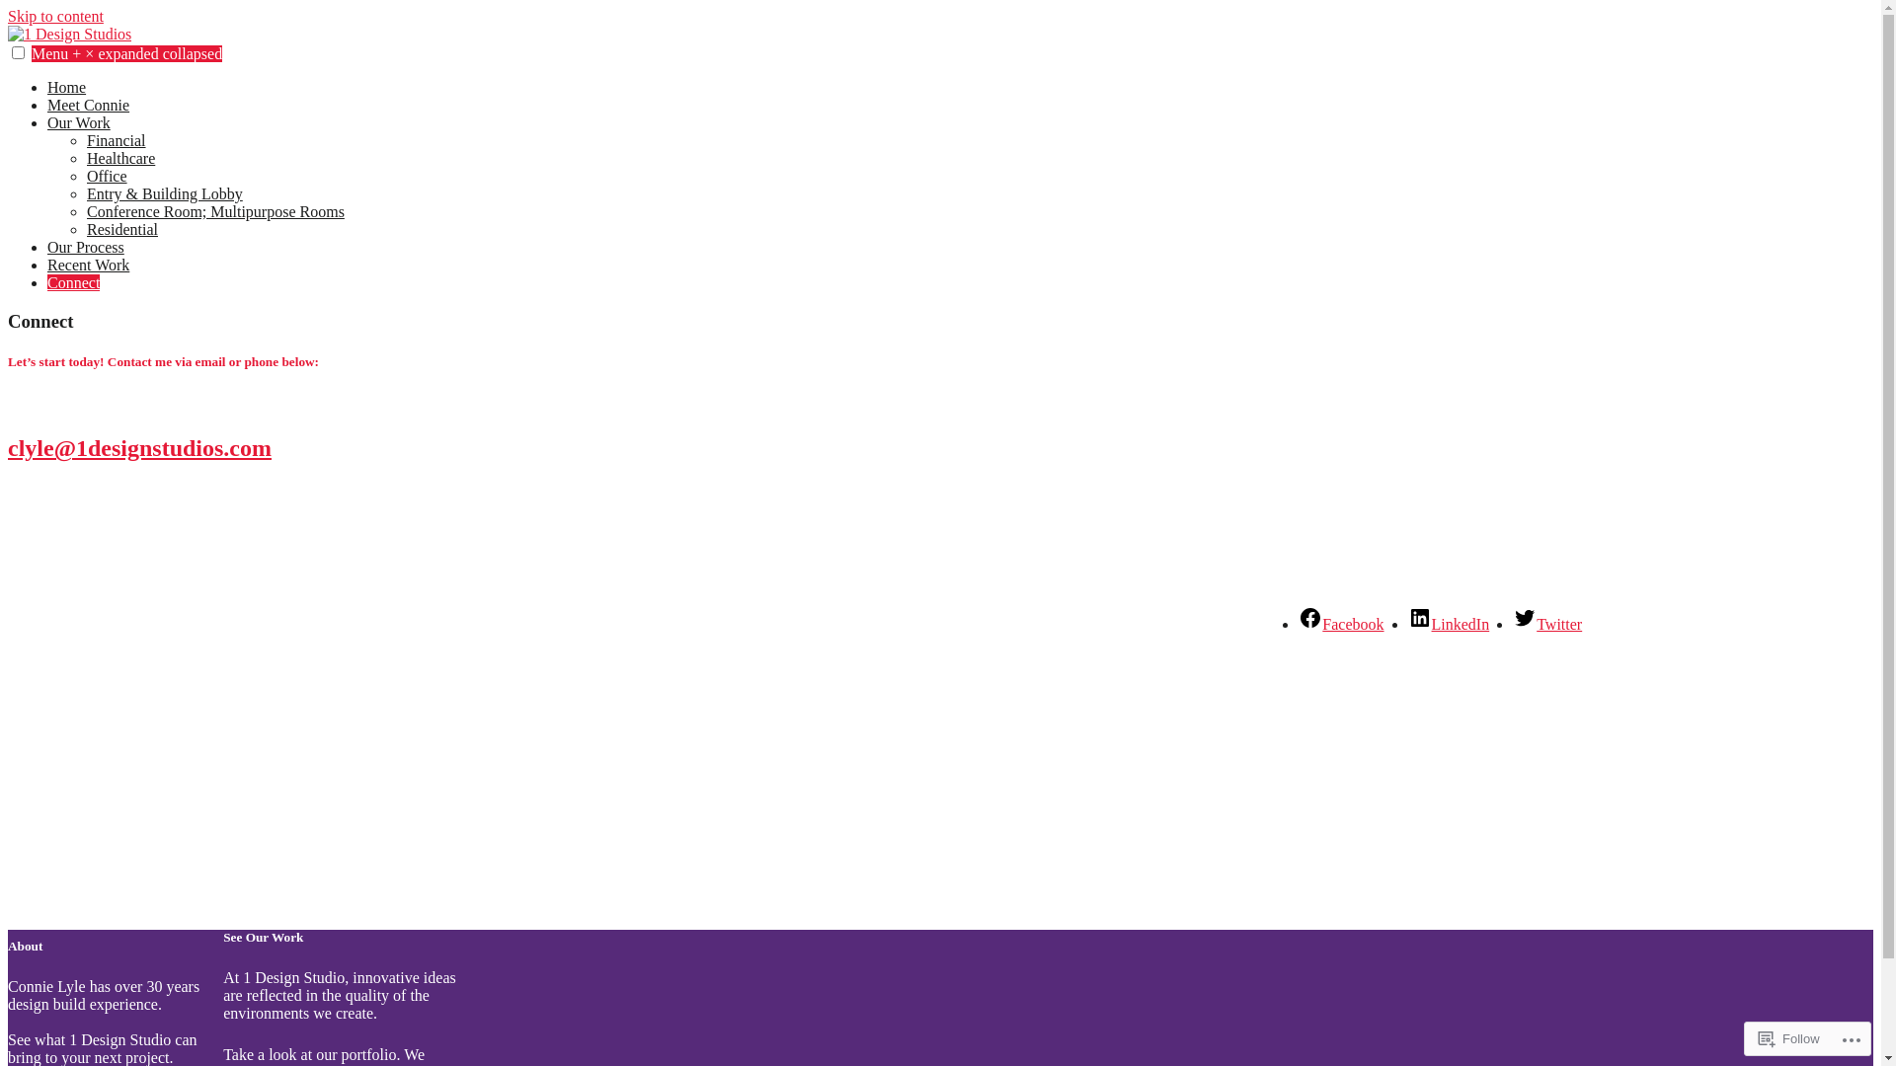  What do you see at coordinates (87, 105) in the screenshot?
I see `'Meet Connie'` at bounding box center [87, 105].